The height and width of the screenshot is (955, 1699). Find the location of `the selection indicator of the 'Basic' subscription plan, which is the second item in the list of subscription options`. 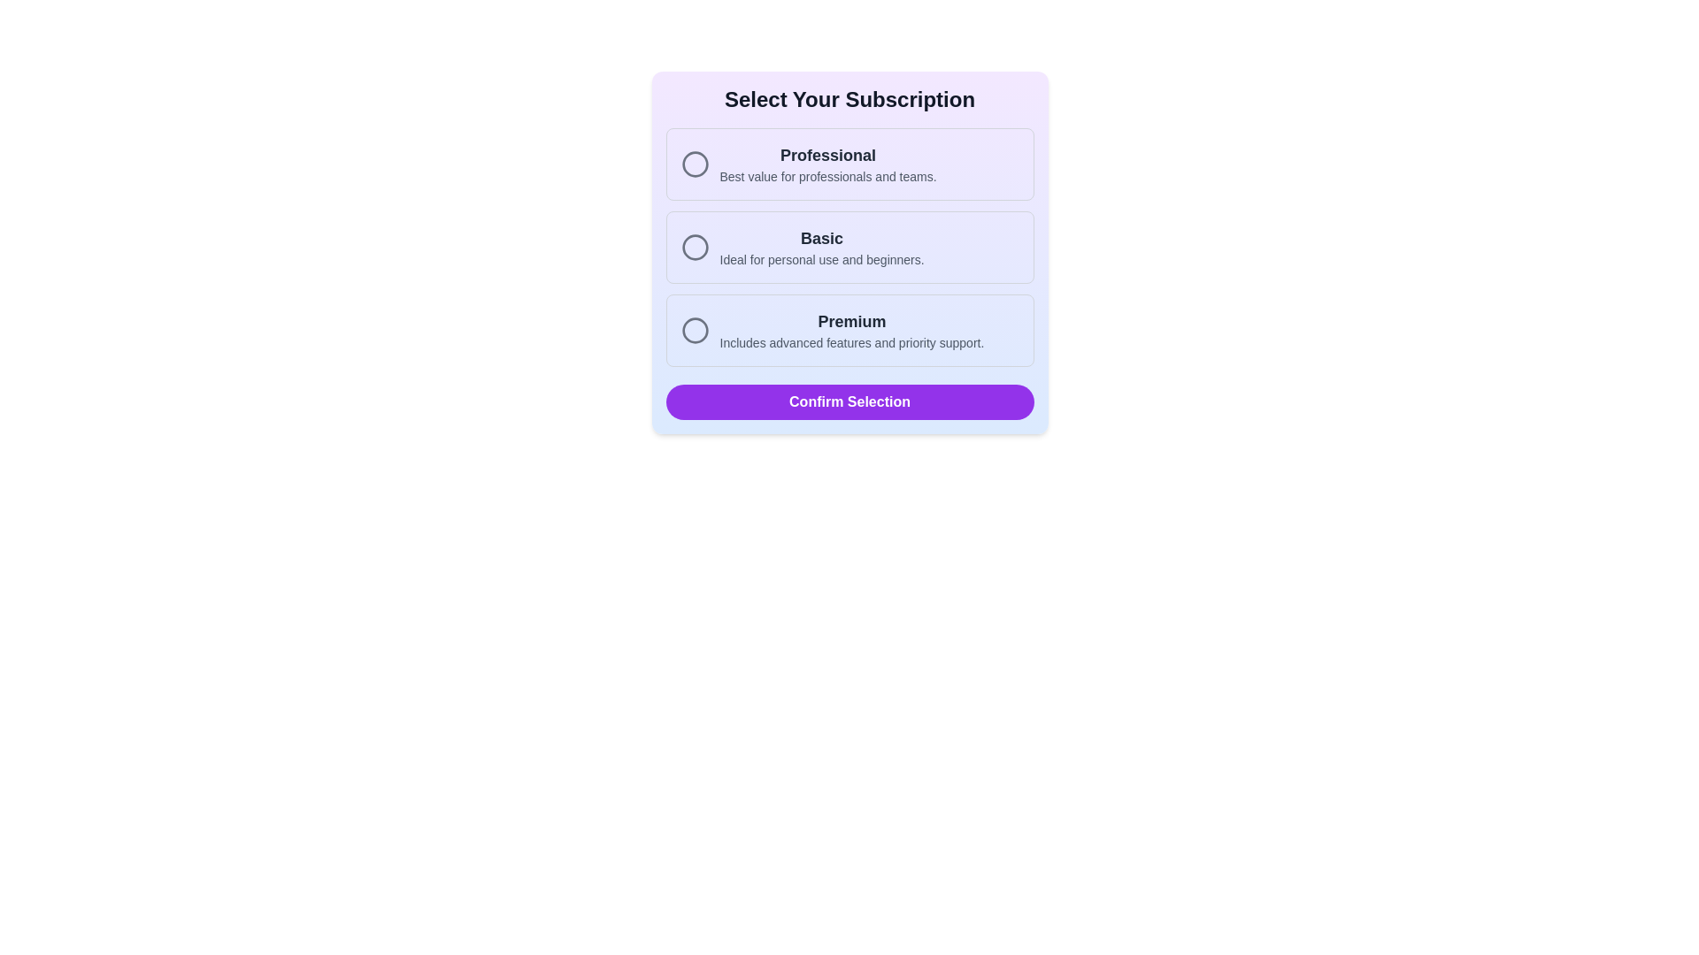

the selection indicator of the 'Basic' subscription plan, which is the second item in the list of subscription options is located at coordinates (849, 248).